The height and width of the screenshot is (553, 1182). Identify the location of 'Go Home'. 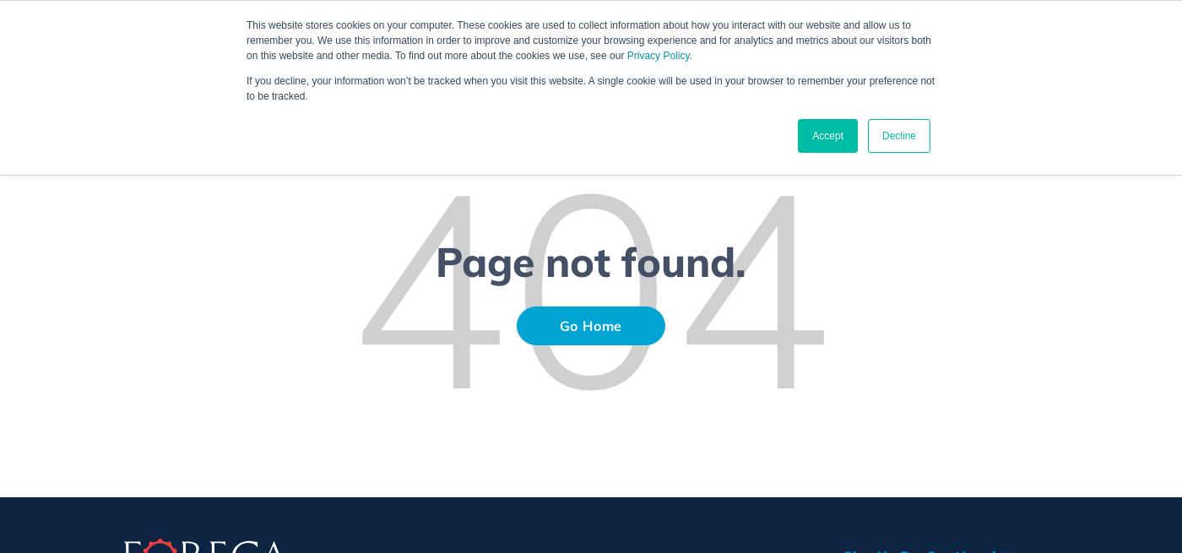
(590, 324).